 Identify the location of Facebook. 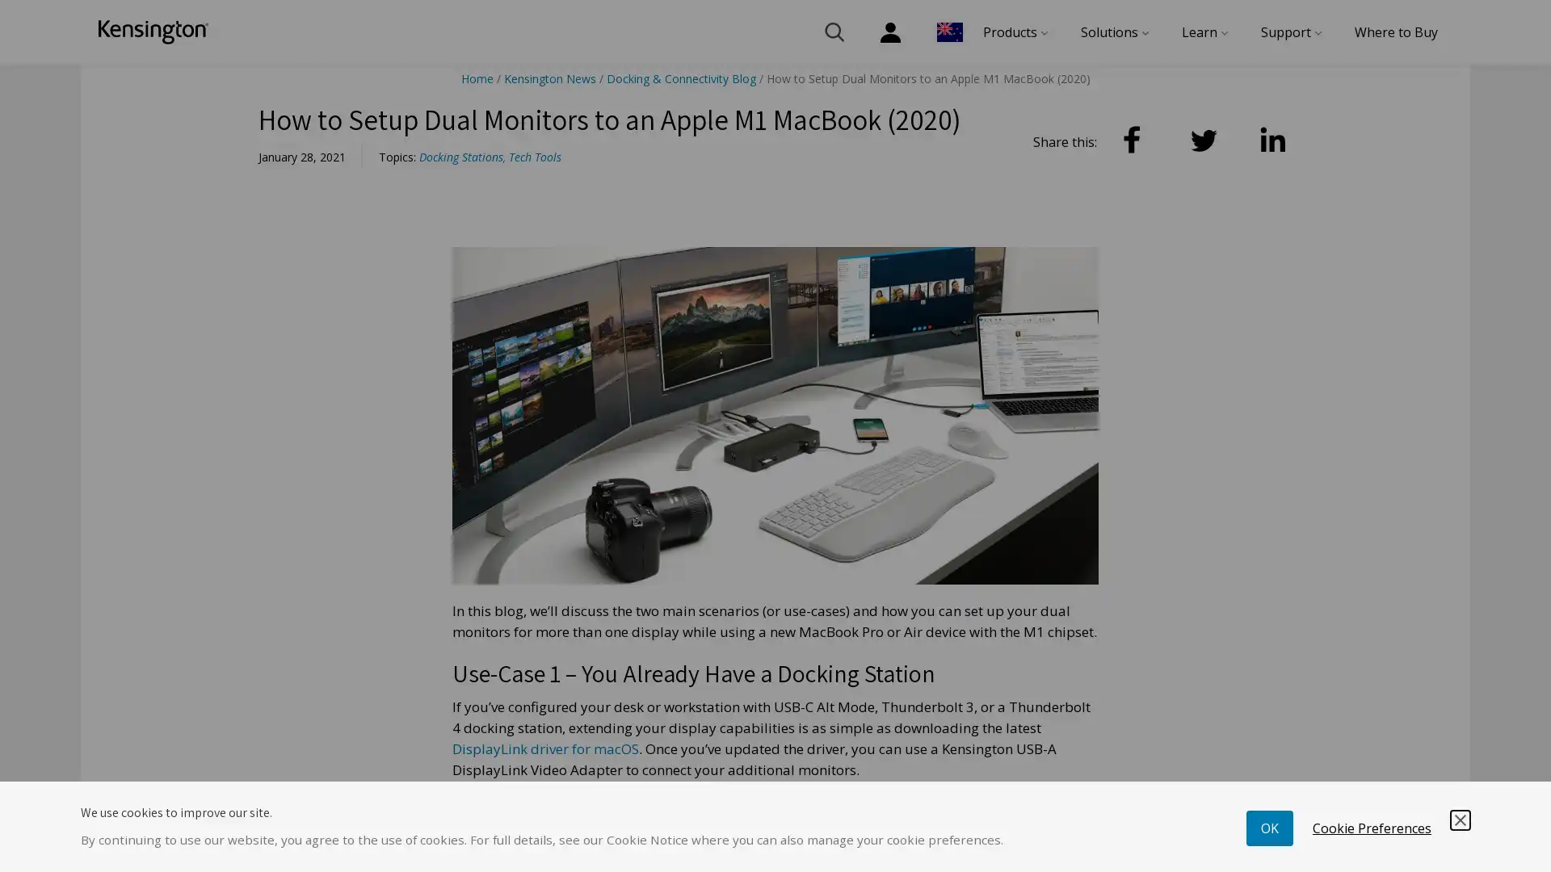
(1131, 138).